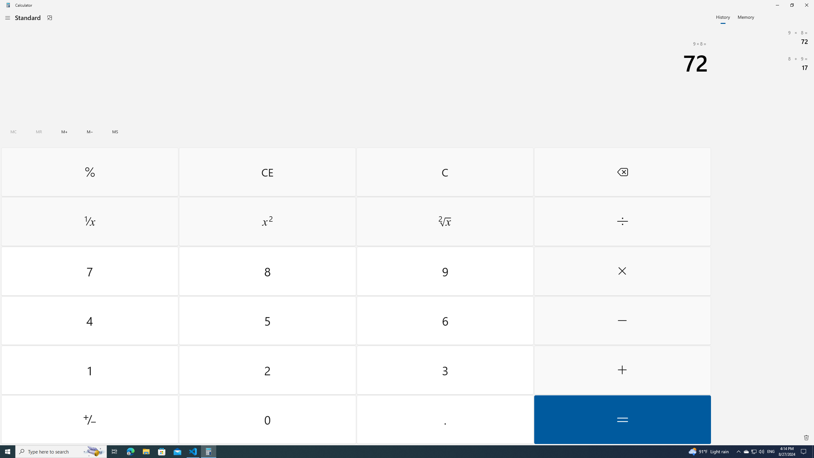  I want to click on 'Positive negative', so click(89, 419).